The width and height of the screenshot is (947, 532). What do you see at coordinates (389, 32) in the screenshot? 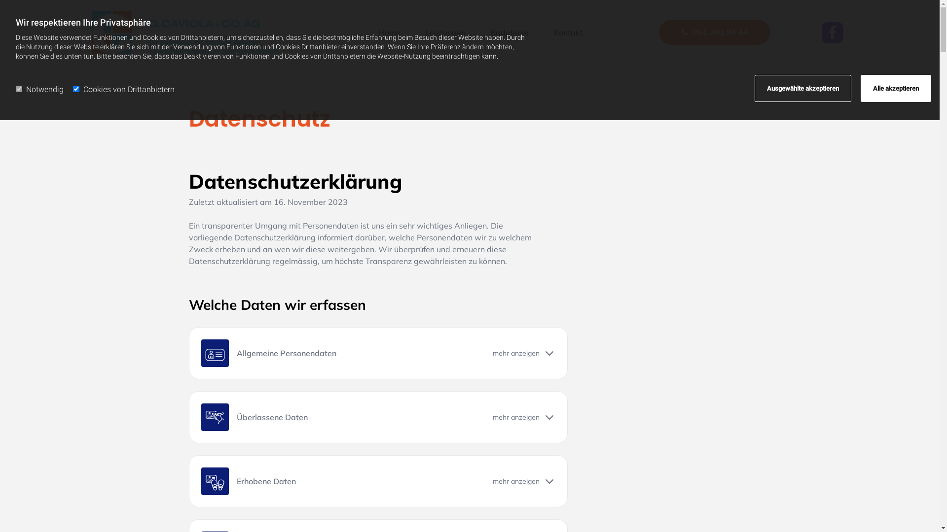
I see `'Home'` at bounding box center [389, 32].